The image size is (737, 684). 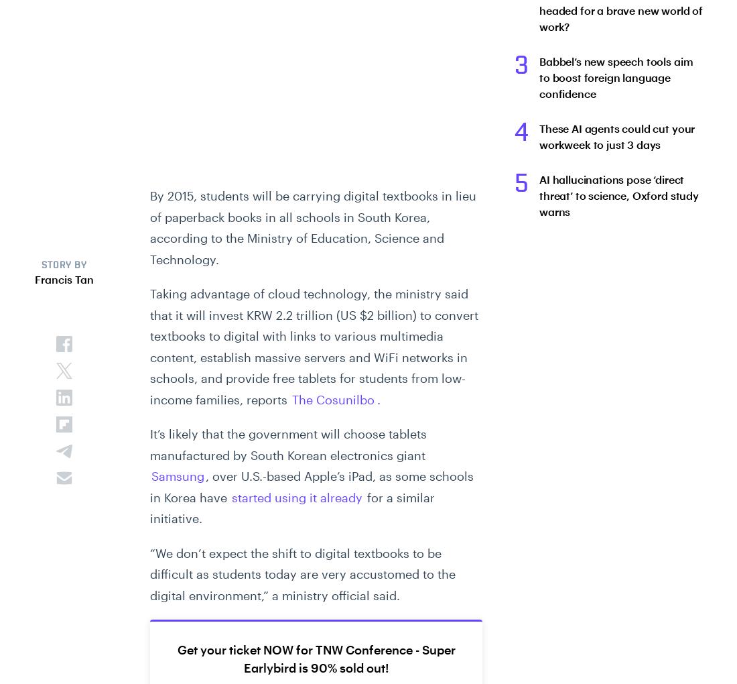 I want to click on 'By 2015, students will be carrying digital textbooks in lieu of paperback books in all schools in South Korea, according to the Ministry of Education, Science and Technology.', so click(x=149, y=227).